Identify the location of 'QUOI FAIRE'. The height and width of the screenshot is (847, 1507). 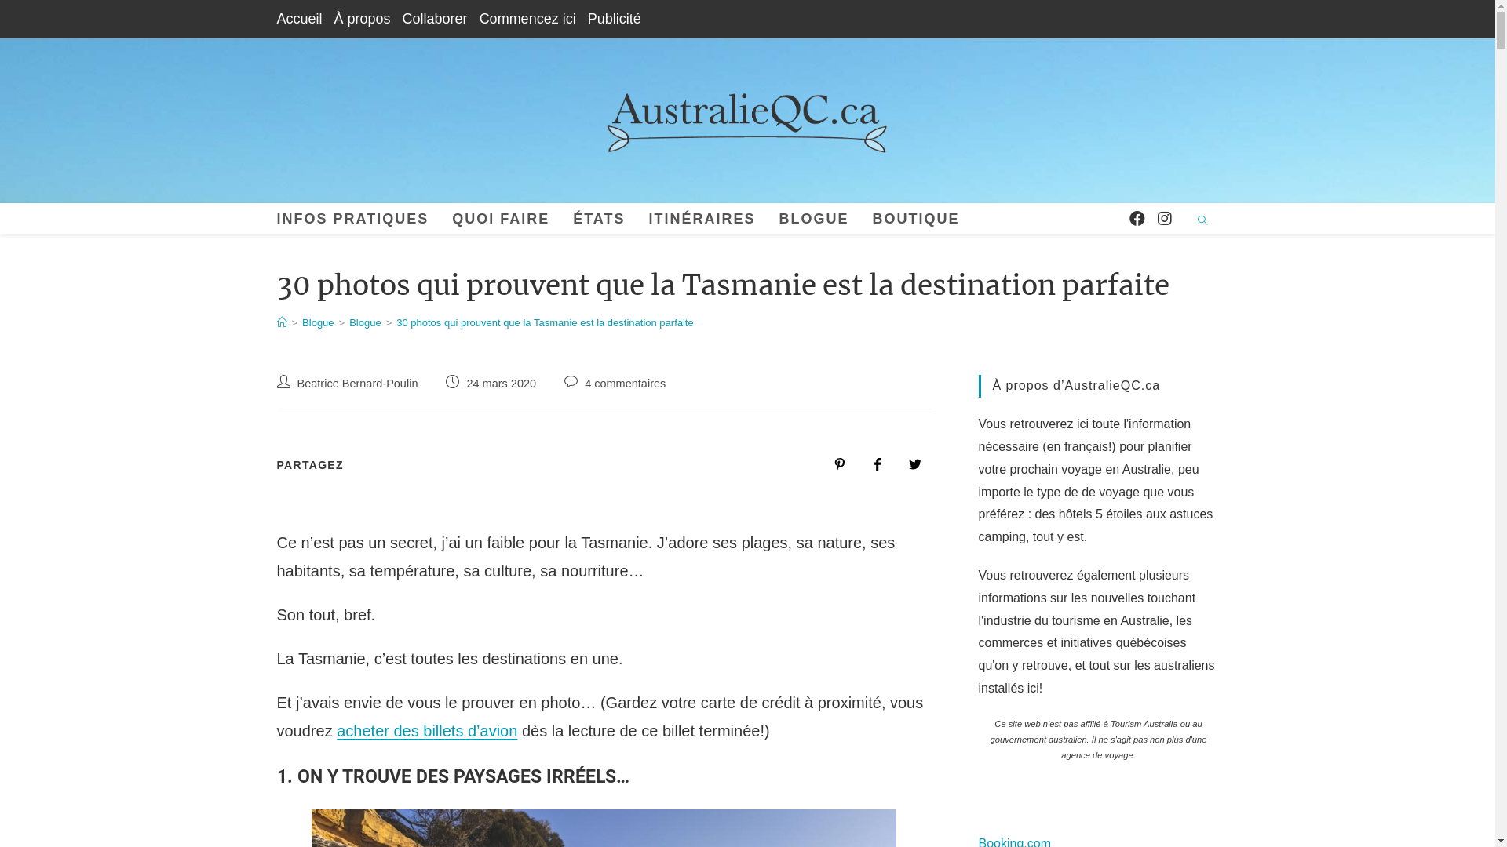
(500, 218).